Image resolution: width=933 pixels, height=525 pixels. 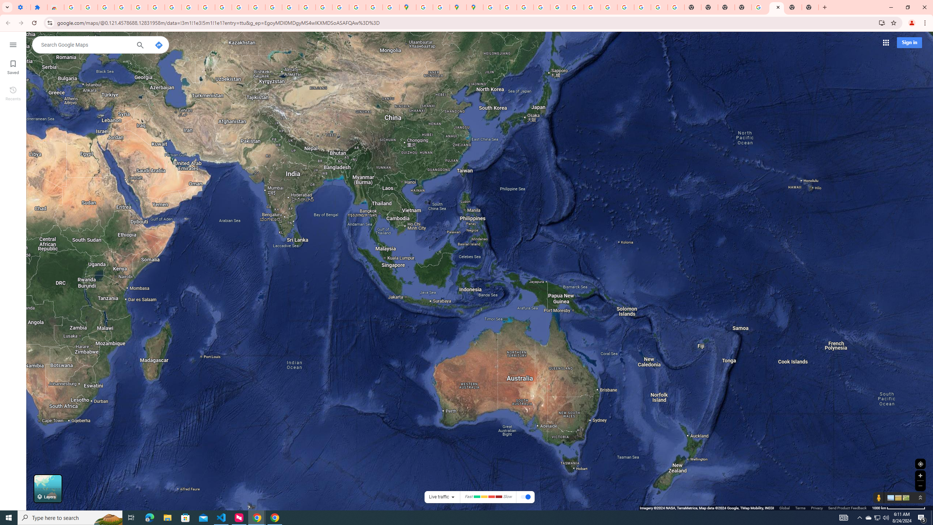 What do you see at coordinates (438, 497) in the screenshot?
I see `'Live traffic'` at bounding box center [438, 497].